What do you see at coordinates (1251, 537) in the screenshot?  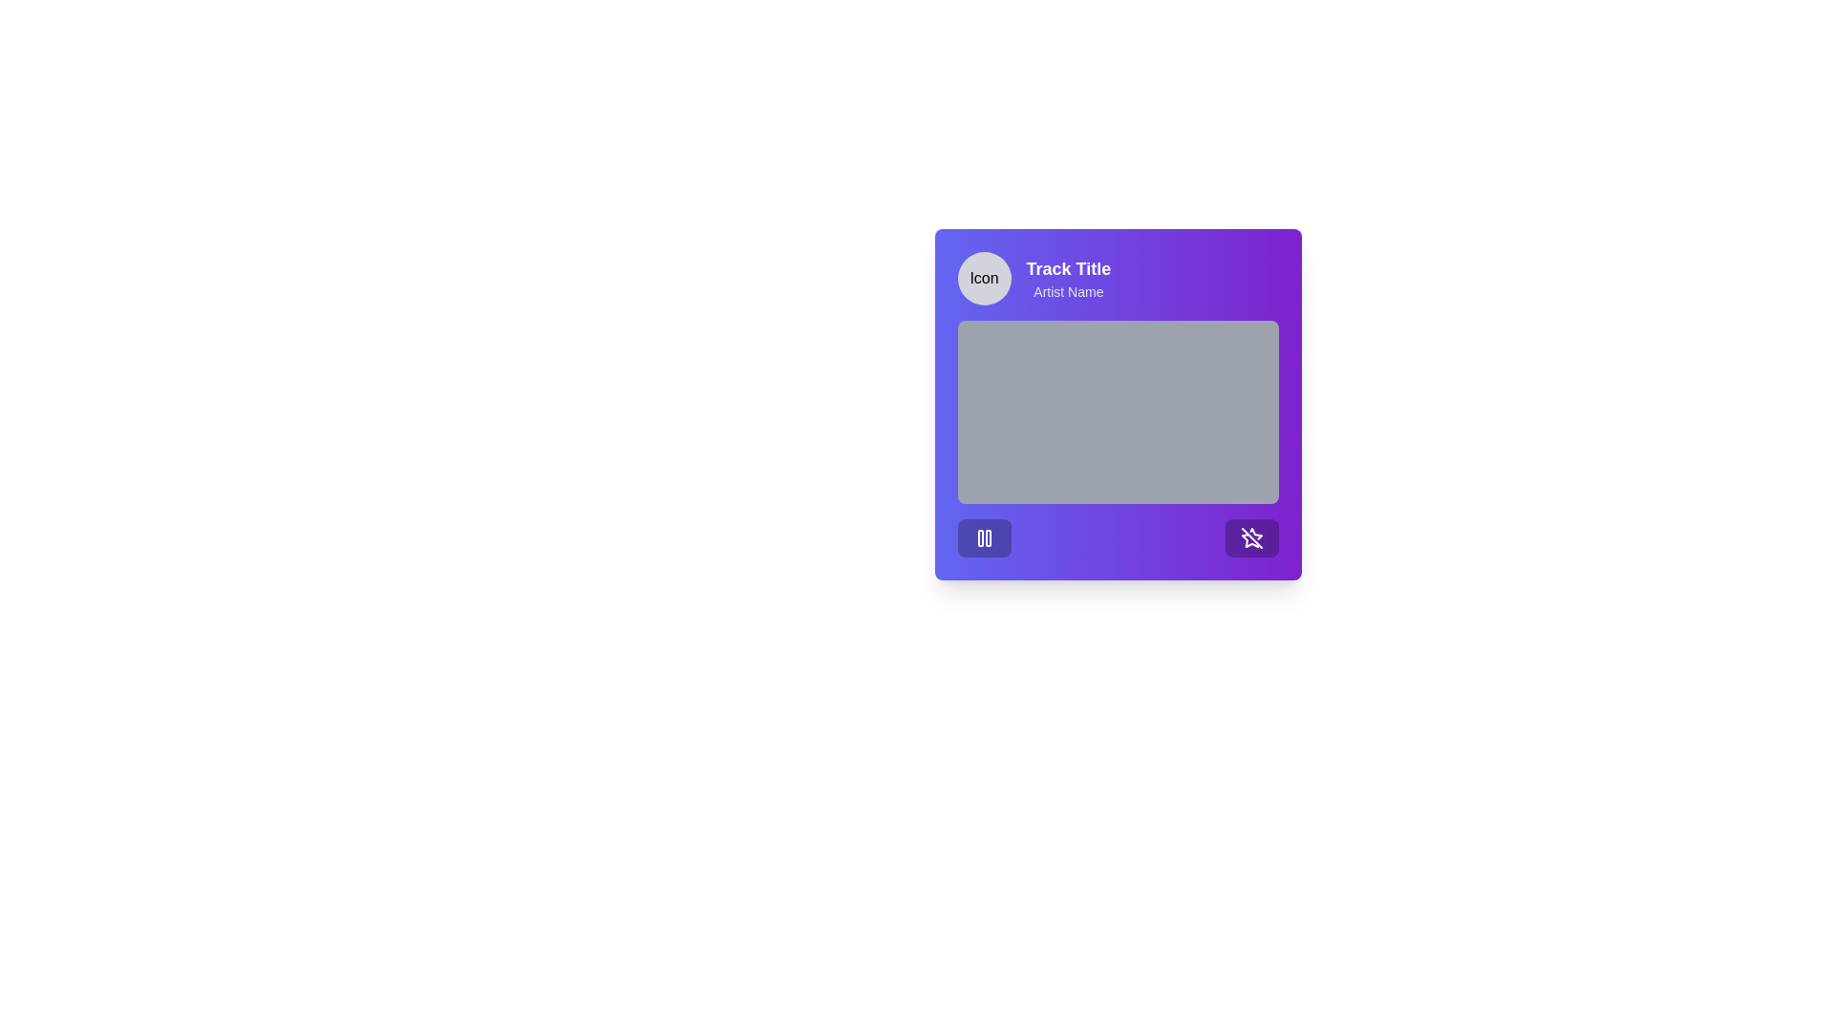 I see `the rectangular button with a dark background featuring a crossed-out star symbol` at bounding box center [1251, 537].